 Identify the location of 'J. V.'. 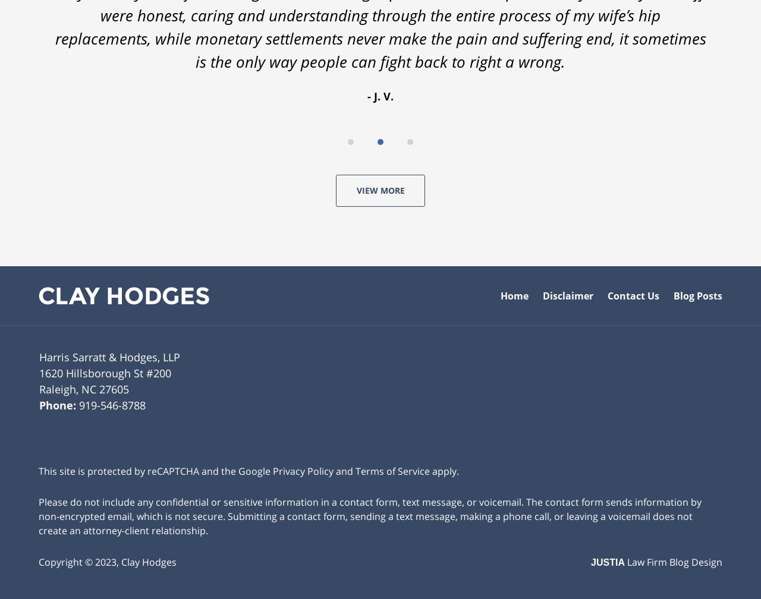
(383, 96).